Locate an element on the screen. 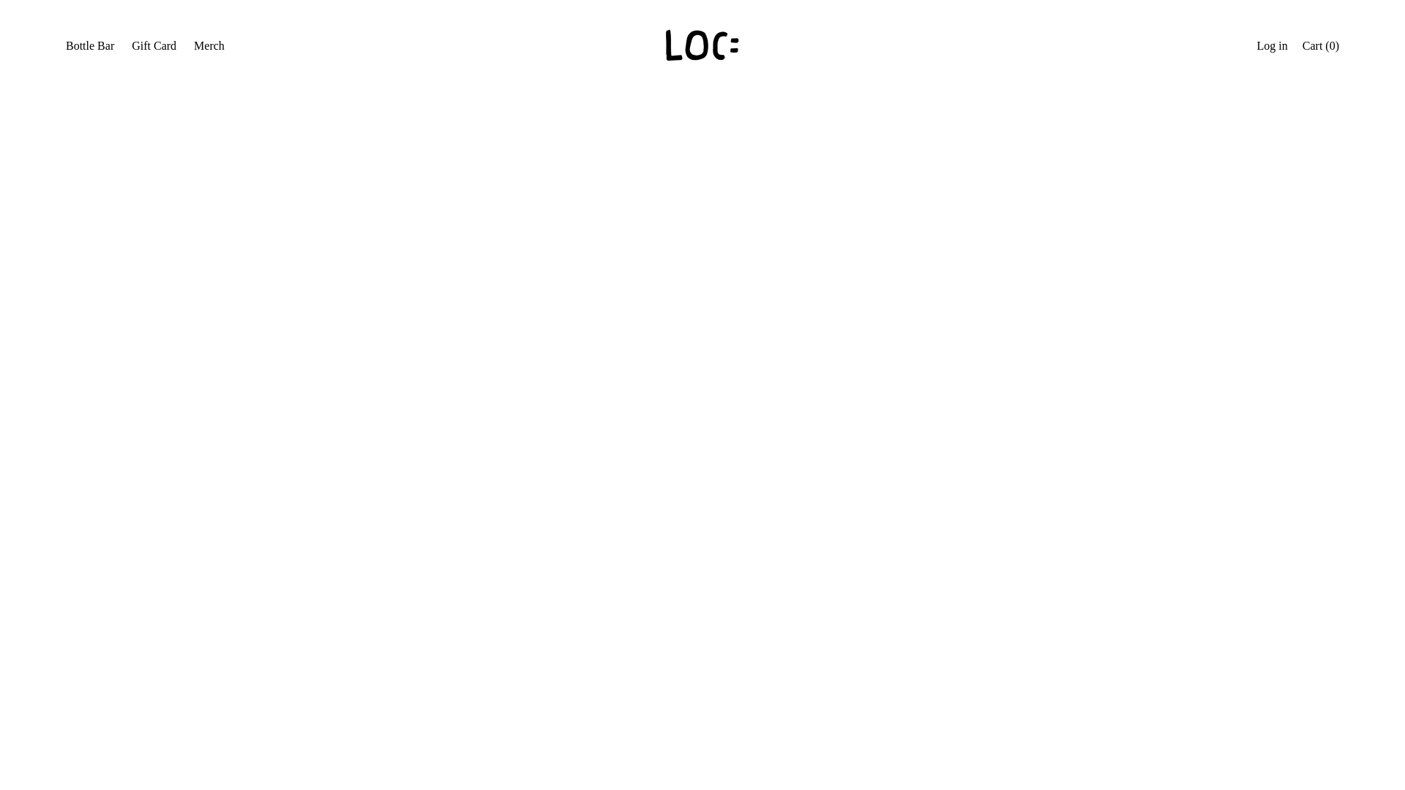 The image size is (1405, 790). 'Gift Card' is located at coordinates (102, 244).